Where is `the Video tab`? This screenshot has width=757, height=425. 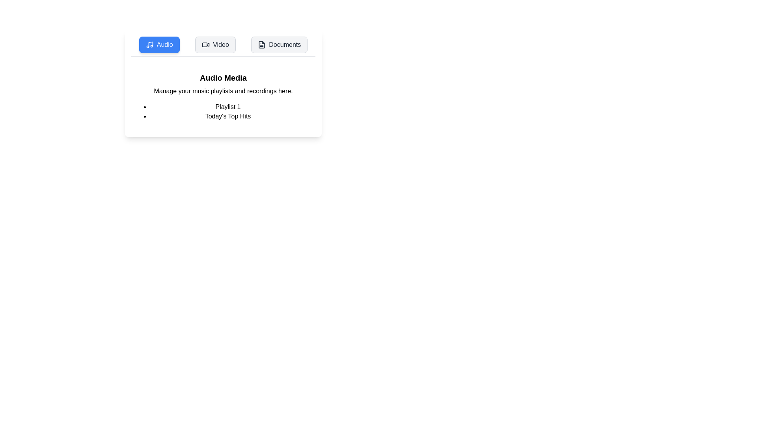 the Video tab is located at coordinates (215, 45).